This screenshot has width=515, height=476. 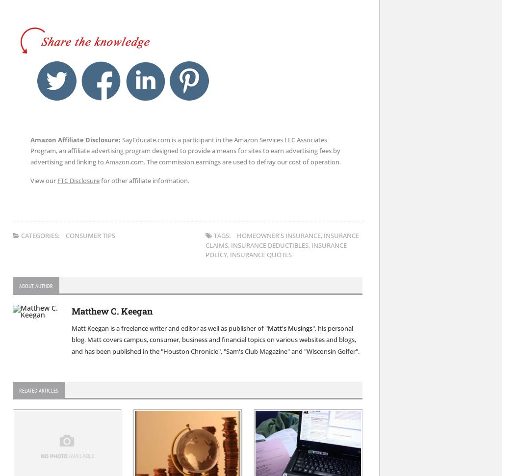 I want to click on 'SayEducate.com is a participant in the Amazon Services LLC Associates Program, an affiliate advertising program designed to provide a means for sites to earn advertising fees by advertising and linking to Amazon.com. The commission earnings are used to defray our cost of operation.', so click(x=185, y=151).